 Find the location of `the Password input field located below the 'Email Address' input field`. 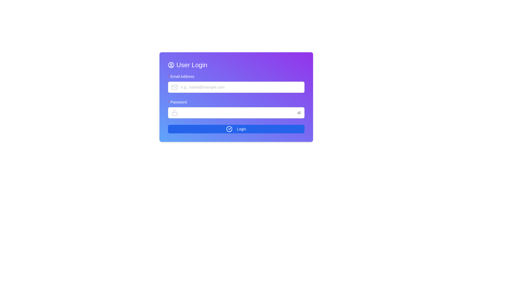

the Password input field located below the 'Email Address' input field is located at coordinates (236, 109).